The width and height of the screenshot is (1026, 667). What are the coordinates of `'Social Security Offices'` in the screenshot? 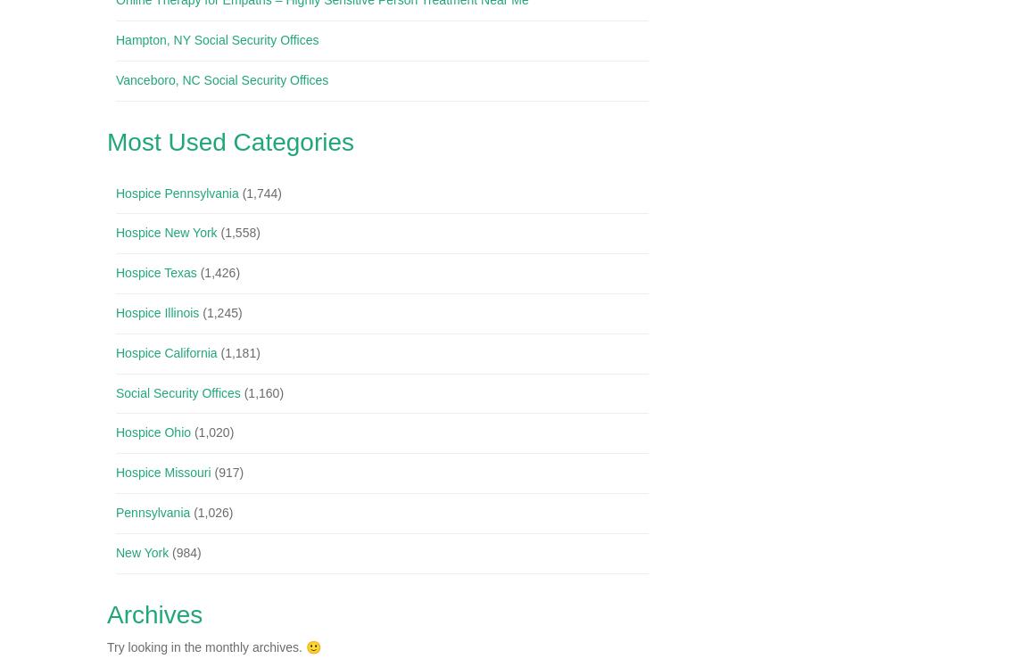 It's located at (177, 391).